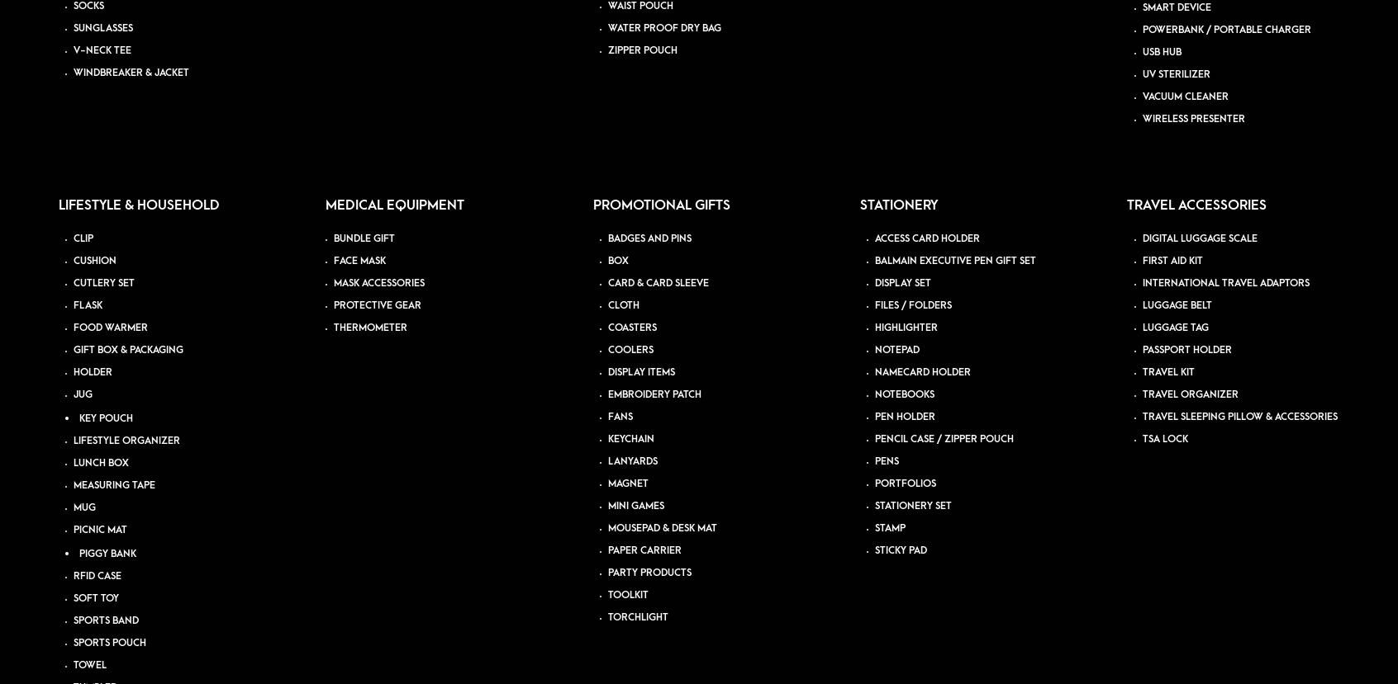 The height and width of the screenshot is (684, 1398). What do you see at coordinates (159, 26) in the screenshot?
I see `'Corporate Gifting Trends: What’s In and What’s Out in the Business World'` at bounding box center [159, 26].